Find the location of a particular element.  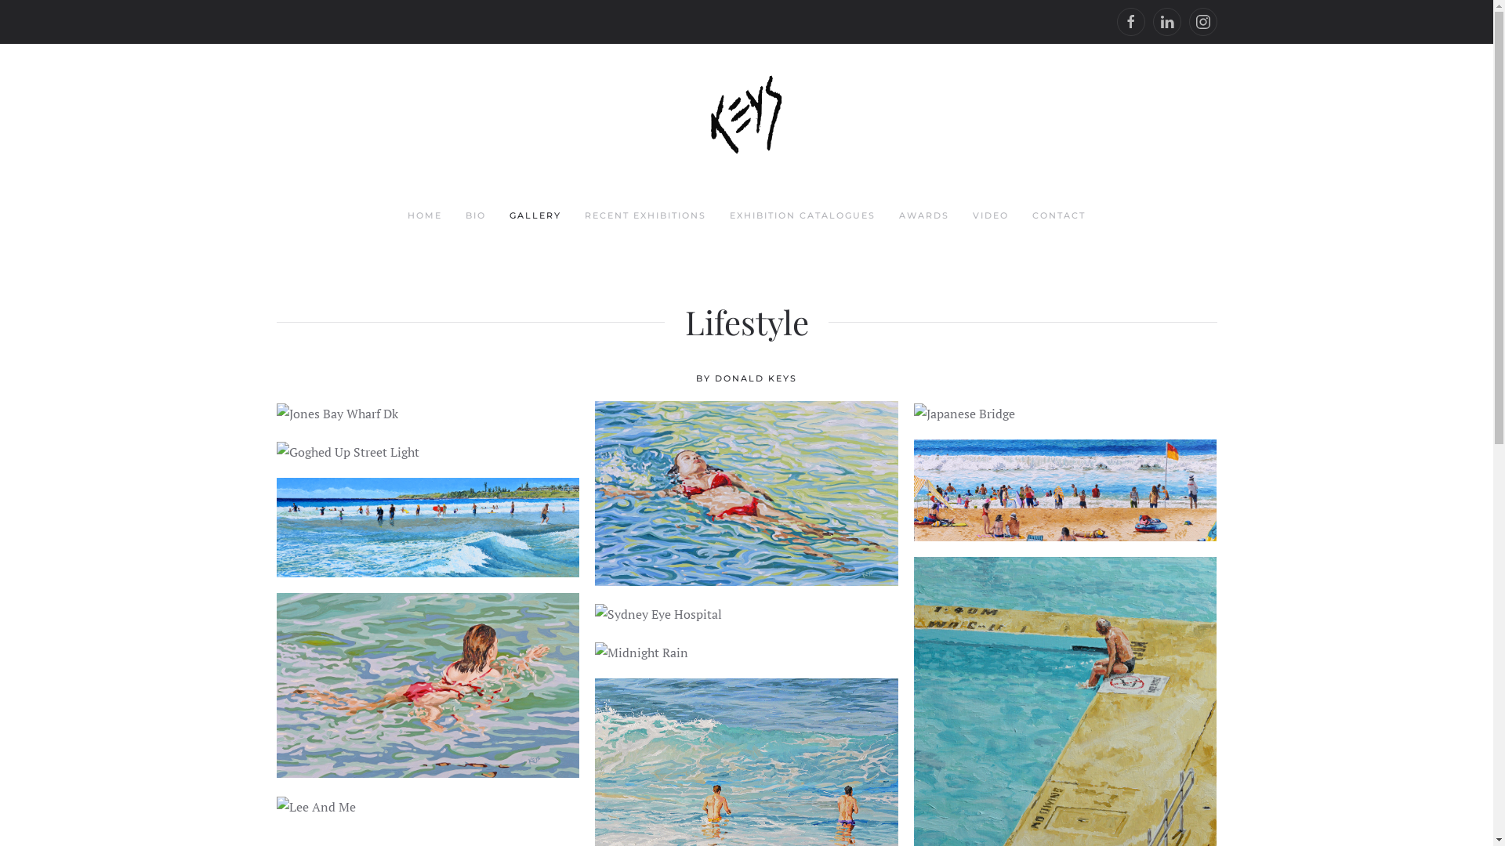

'CONTACT' is located at coordinates (1058, 216).